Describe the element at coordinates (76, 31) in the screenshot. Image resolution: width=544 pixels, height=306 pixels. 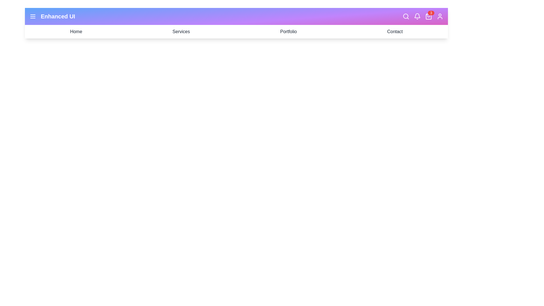
I see `the navigation link Home` at that location.